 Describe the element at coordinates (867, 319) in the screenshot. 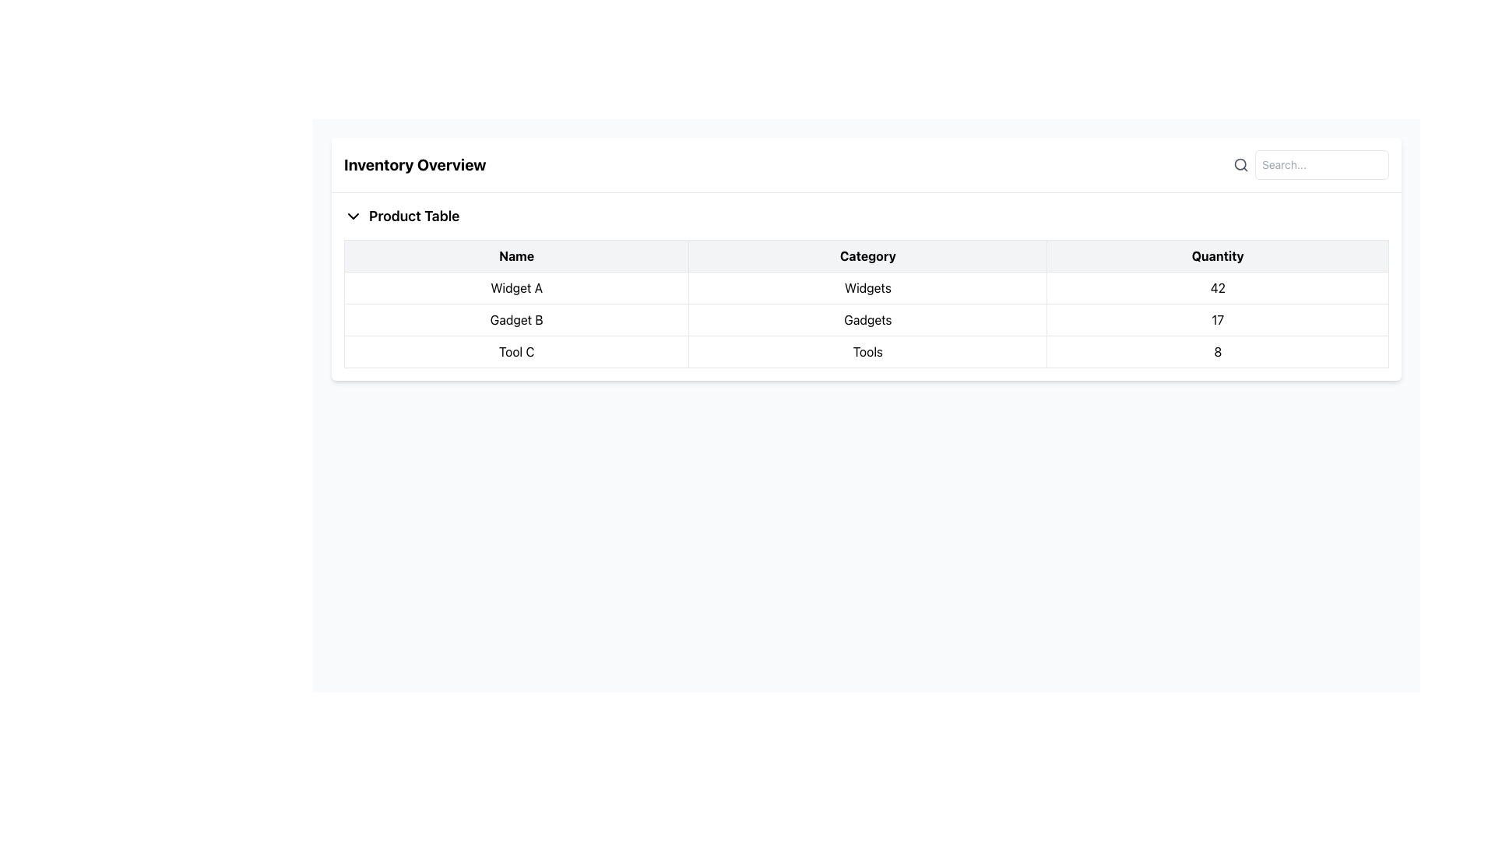

I see `the Text Label displaying 'Gadgets', which is located in the second row of the 'Category' column between 'Widgets' and 'Tools'` at that location.